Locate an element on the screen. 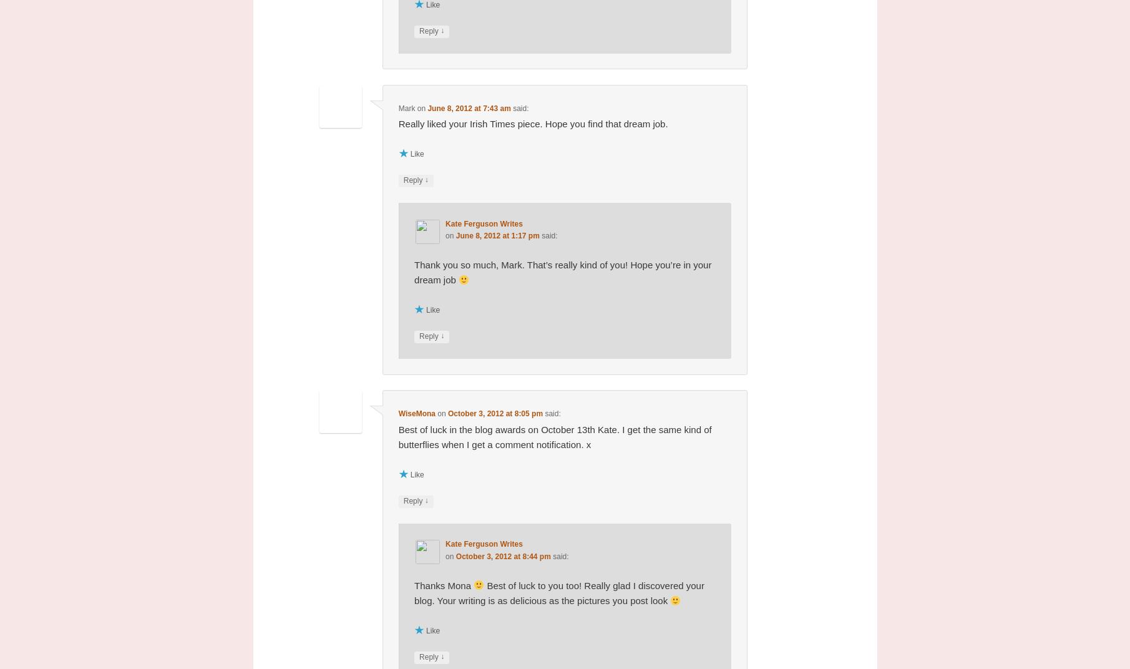 The height and width of the screenshot is (669, 1130). 'October 3, 2012 at 8:44 pm' is located at coordinates (503, 556).